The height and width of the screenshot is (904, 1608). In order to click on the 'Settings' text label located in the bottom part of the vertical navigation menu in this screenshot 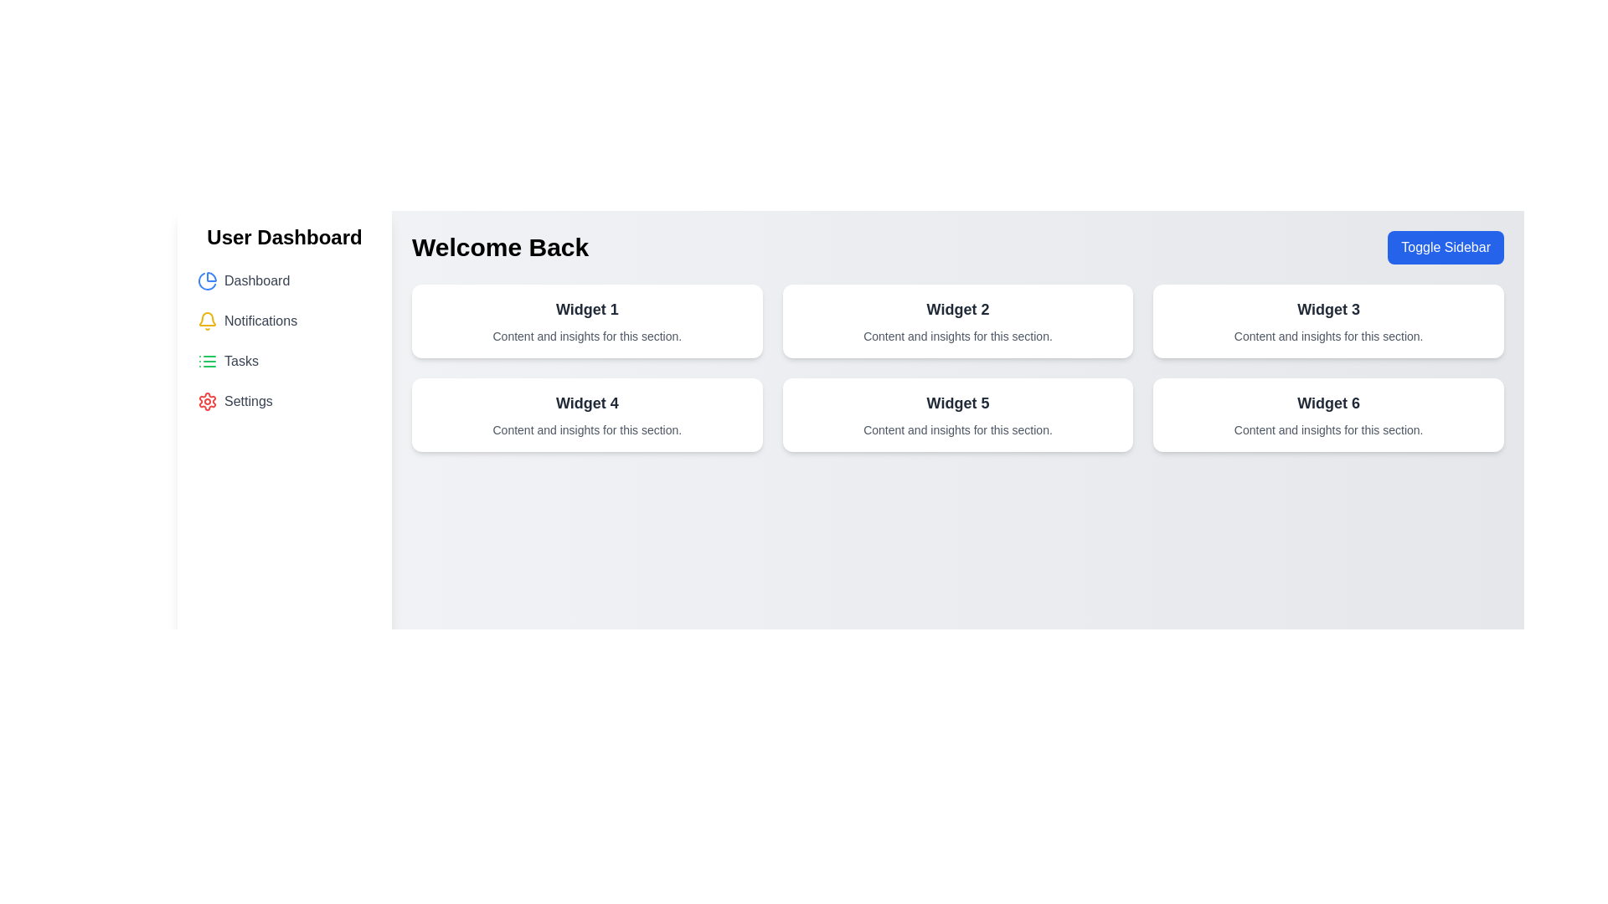, I will do `click(247, 401)`.